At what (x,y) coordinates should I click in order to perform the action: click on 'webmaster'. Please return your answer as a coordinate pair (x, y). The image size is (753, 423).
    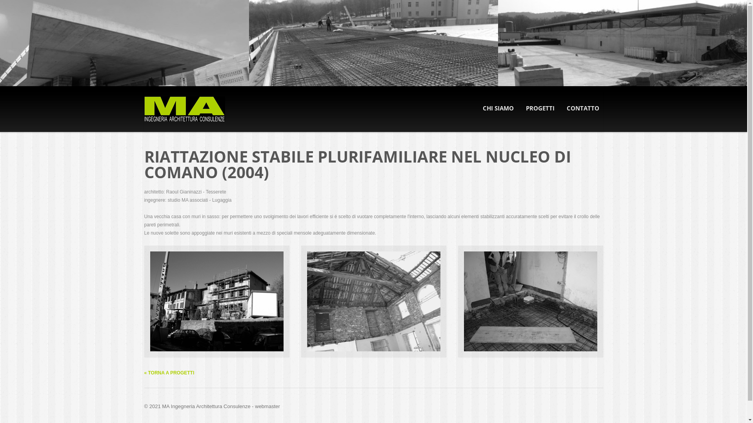
    Looking at the image, I should click on (267, 406).